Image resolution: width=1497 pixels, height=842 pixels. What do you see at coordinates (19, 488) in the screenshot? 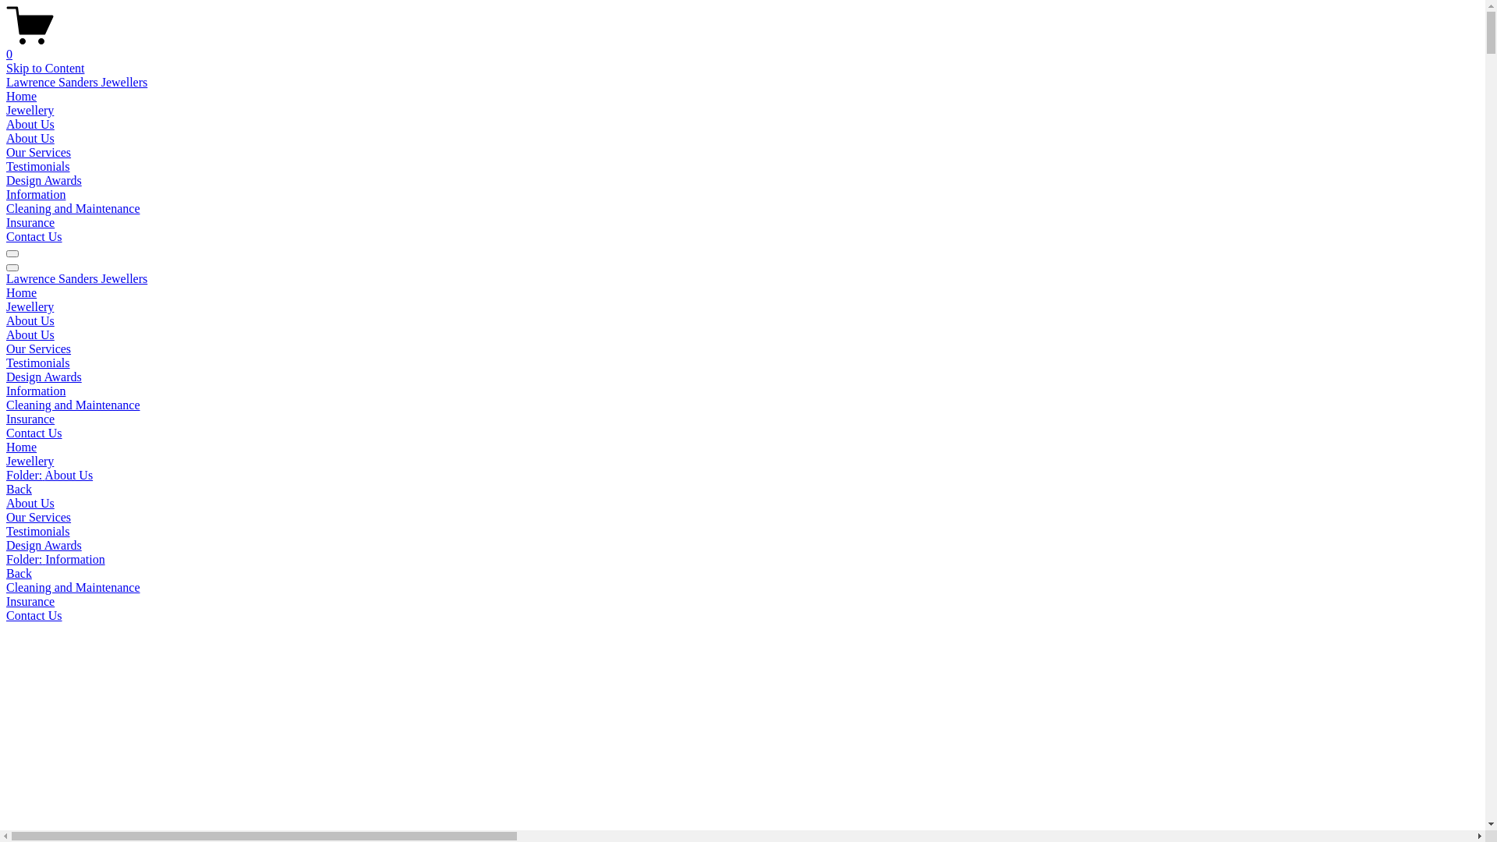
I see `'Back'` at bounding box center [19, 488].